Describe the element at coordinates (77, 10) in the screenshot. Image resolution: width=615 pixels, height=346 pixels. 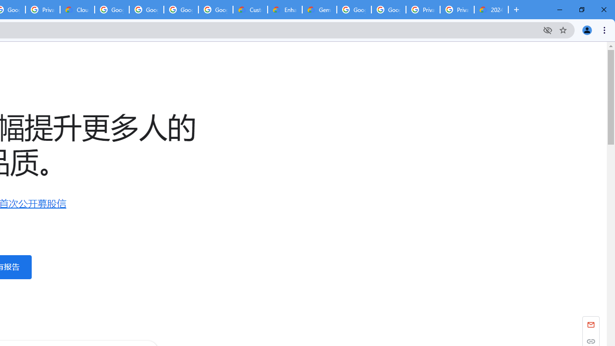
I see `'Cloud Data Processing Addendum | Google Cloud'` at that location.